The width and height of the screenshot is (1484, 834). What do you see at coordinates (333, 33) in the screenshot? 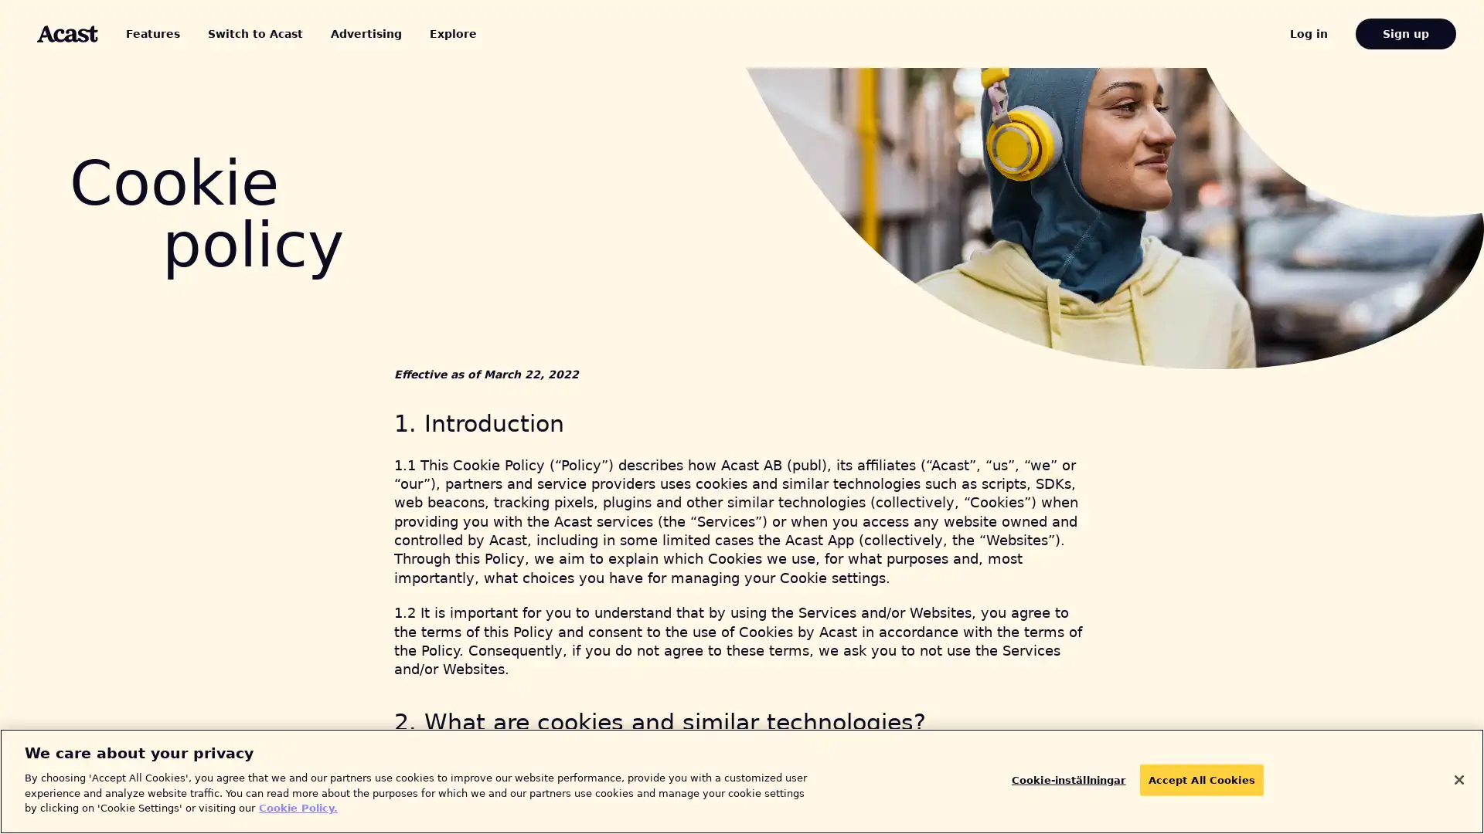
I see `Advertising` at bounding box center [333, 33].